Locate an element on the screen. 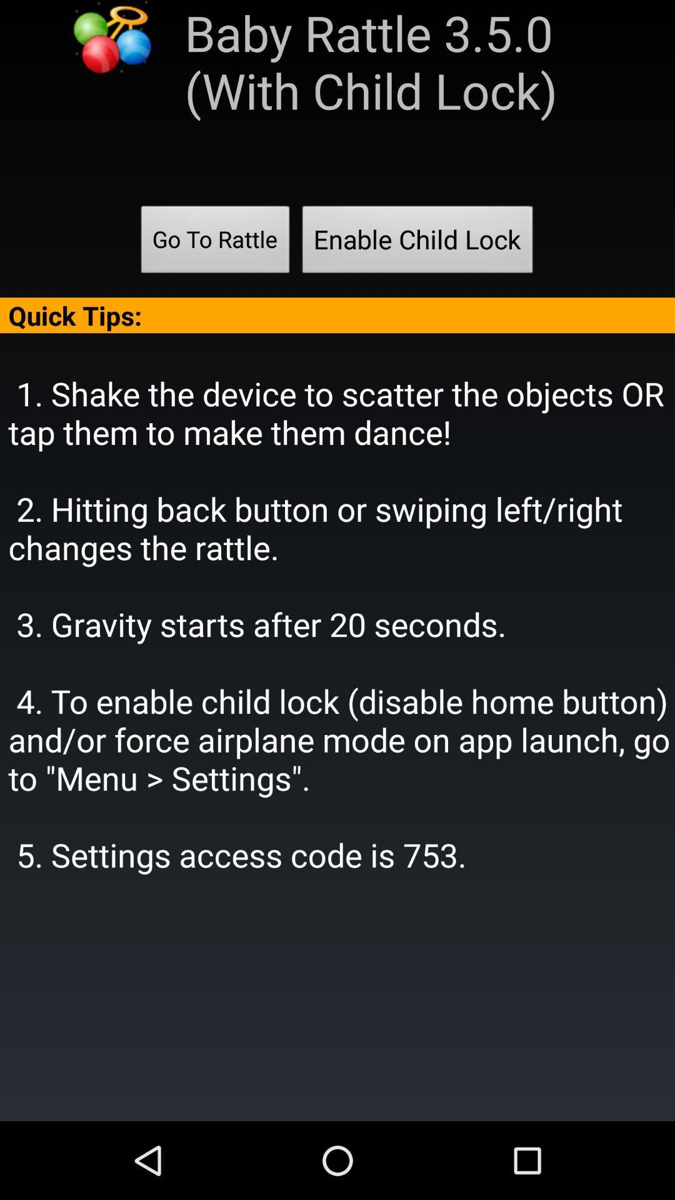 This screenshot has height=1200, width=675. the go to rattle is located at coordinates (214, 243).